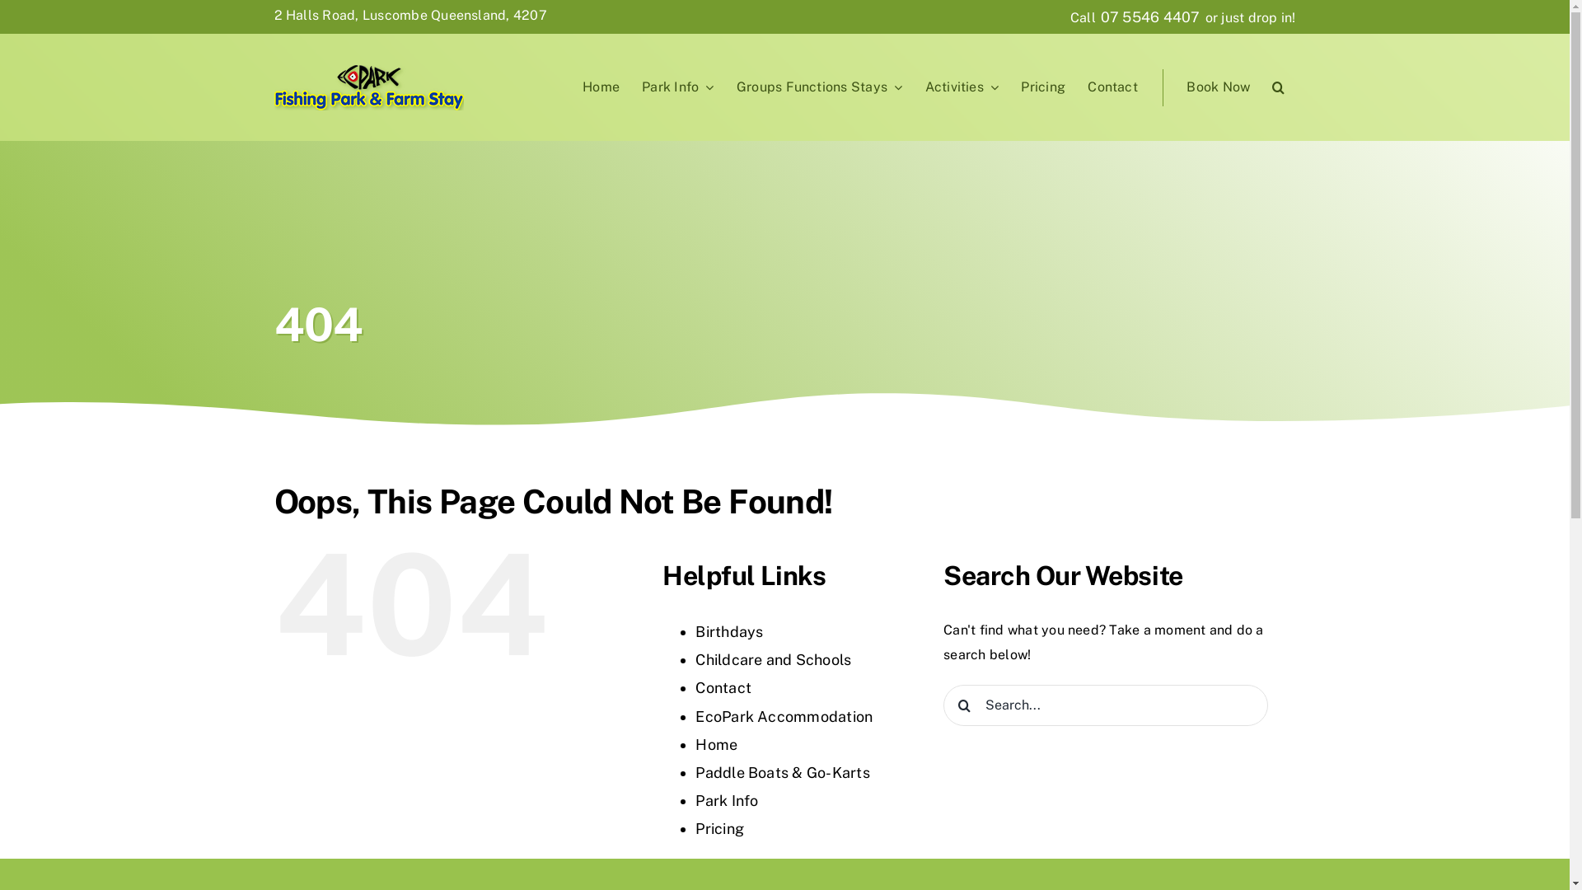 This screenshot has width=1582, height=890. I want to click on 'Groups Functions Stays', so click(725, 87).